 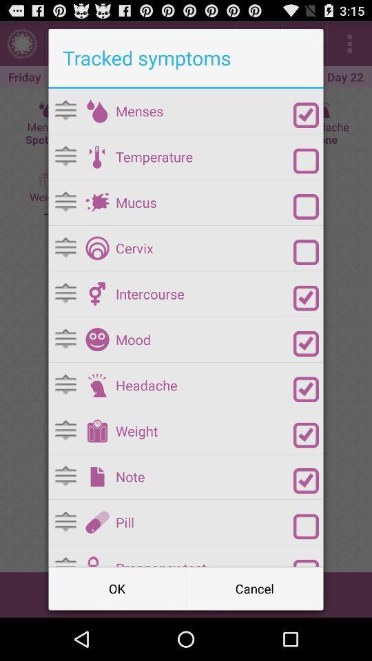 I want to click on the temperature icon, so click(x=204, y=156).